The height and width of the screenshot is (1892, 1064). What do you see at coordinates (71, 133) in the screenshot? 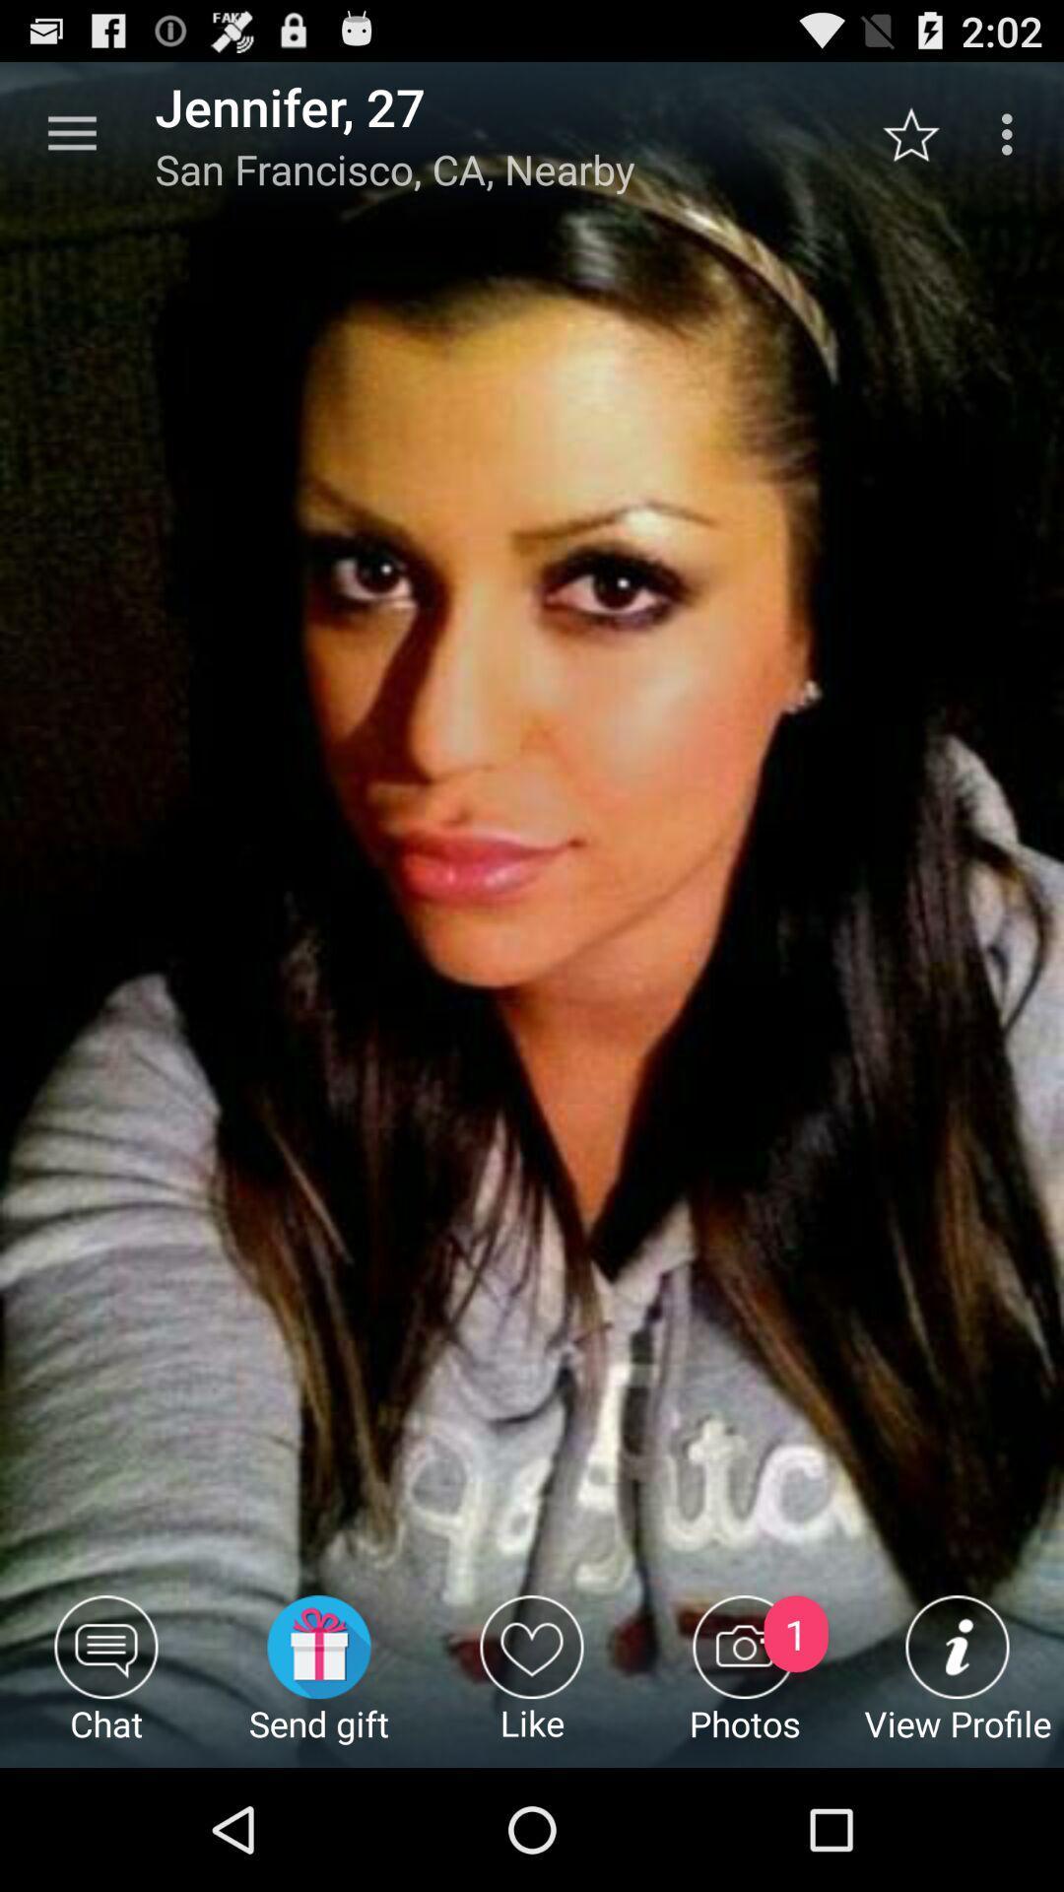
I see `icon above the chat` at bounding box center [71, 133].